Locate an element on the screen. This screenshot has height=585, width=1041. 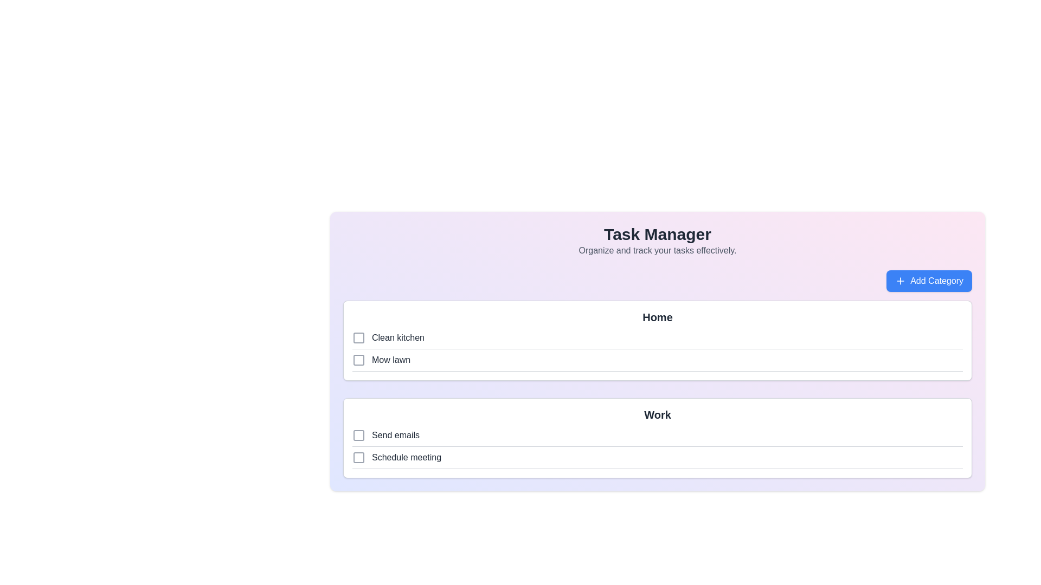
the Checkbox indicator (SVG-based) located in the first row of the 'Home' category, positioned before the text 'Clean kitchen' is located at coordinates (359, 337).